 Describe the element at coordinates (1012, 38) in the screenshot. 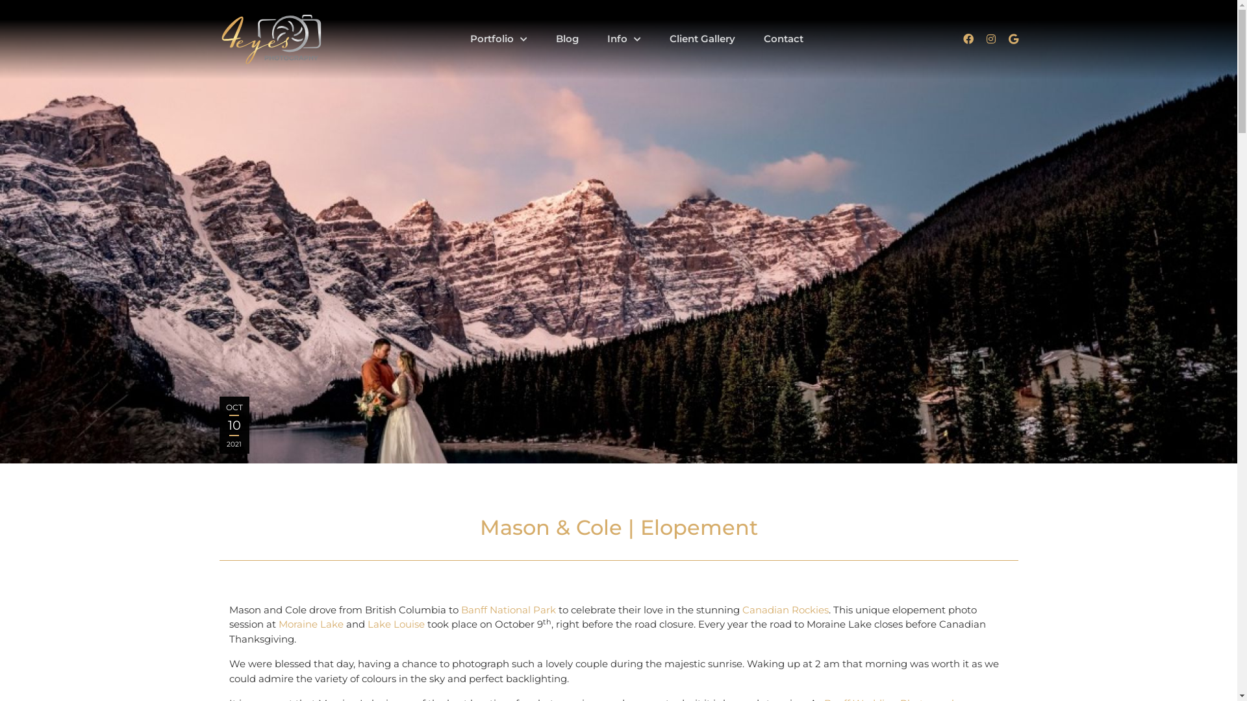

I see `'Google'` at that location.